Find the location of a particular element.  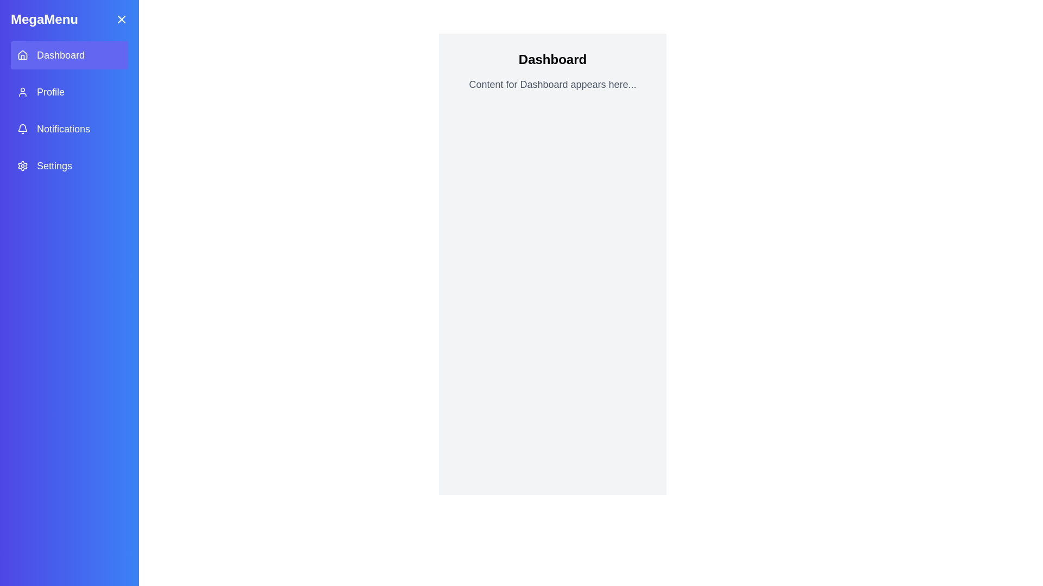

the 'Notifications' text label located in the sidebar menu, which is displayed in bold white font on a gradient blue background is located at coordinates (62, 129).